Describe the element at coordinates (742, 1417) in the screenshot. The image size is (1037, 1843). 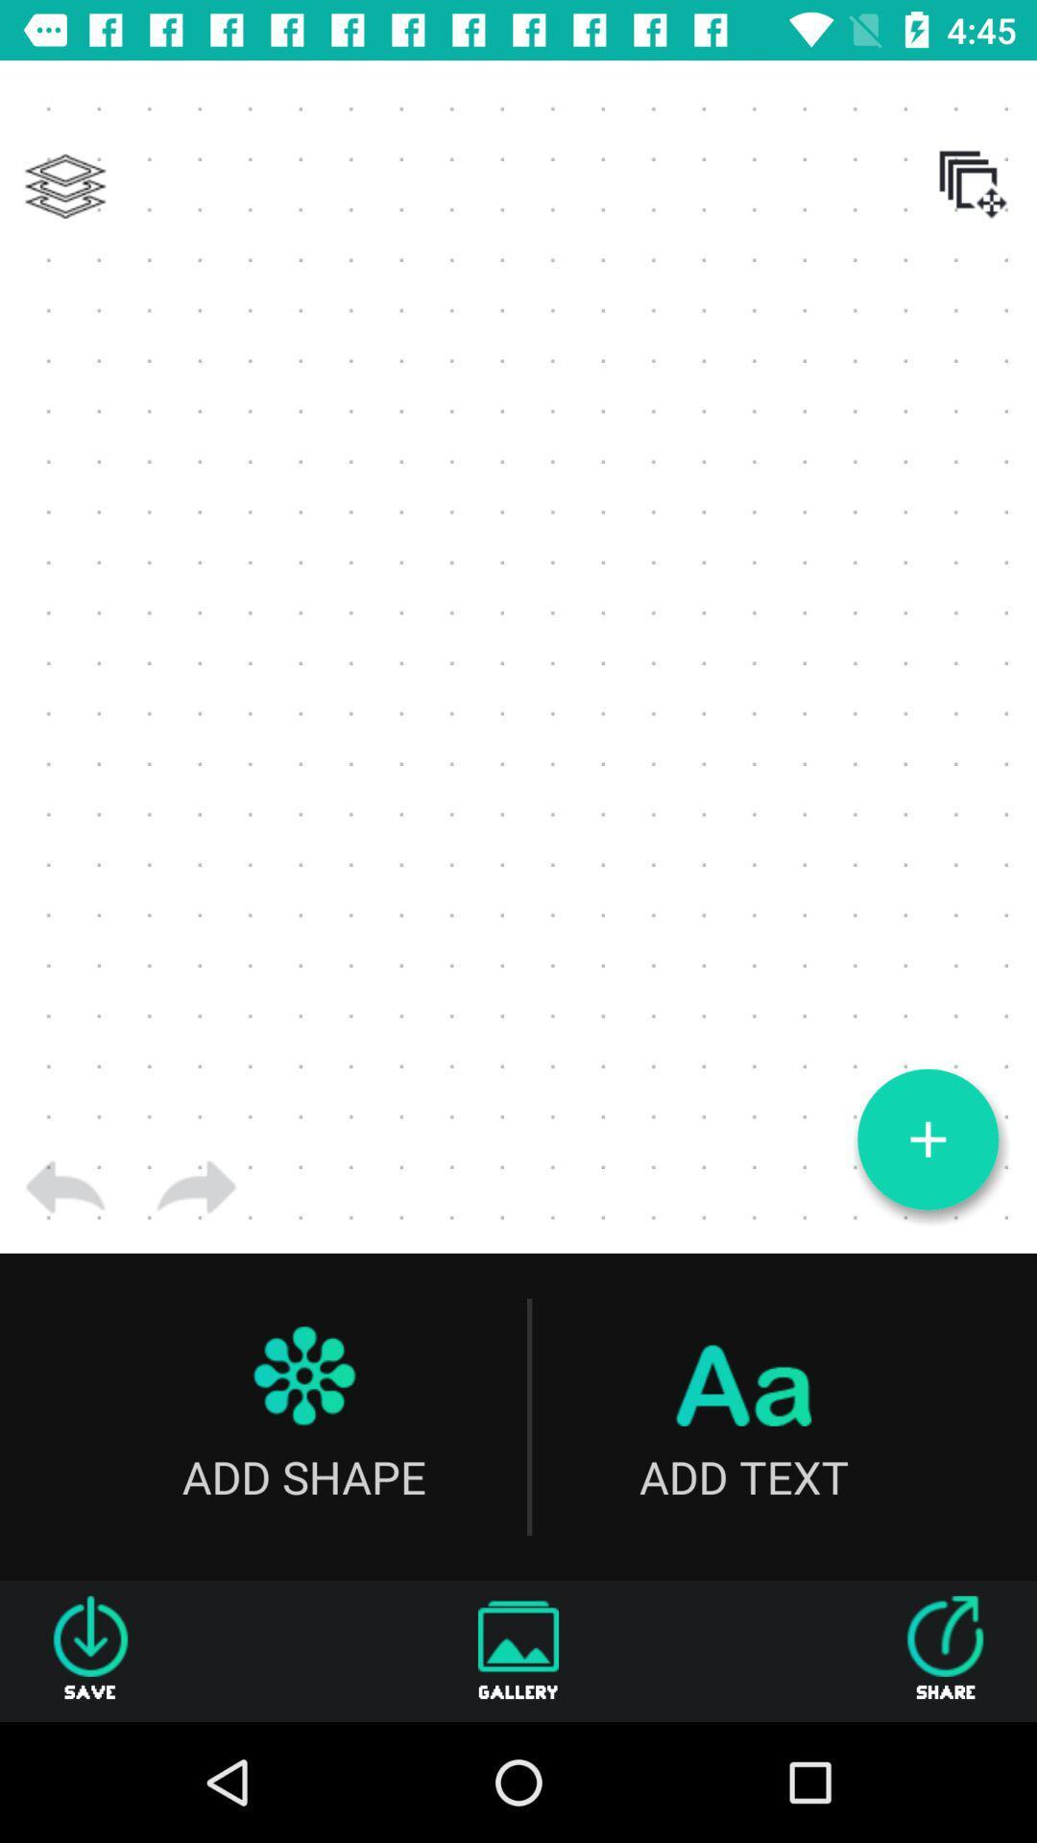
I see `add text item` at that location.